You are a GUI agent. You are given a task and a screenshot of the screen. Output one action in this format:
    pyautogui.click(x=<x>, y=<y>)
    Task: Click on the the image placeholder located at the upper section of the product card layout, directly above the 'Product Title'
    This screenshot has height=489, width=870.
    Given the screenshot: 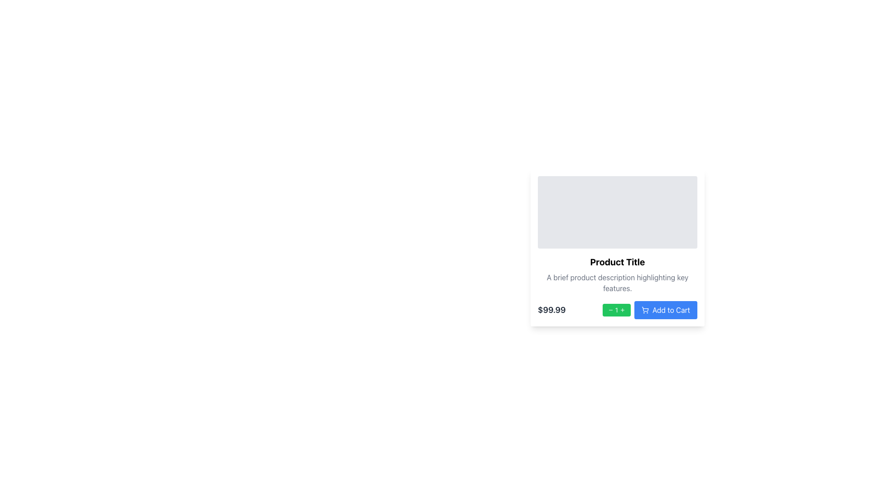 What is the action you would take?
    pyautogui.click(x=617, y=212)
    